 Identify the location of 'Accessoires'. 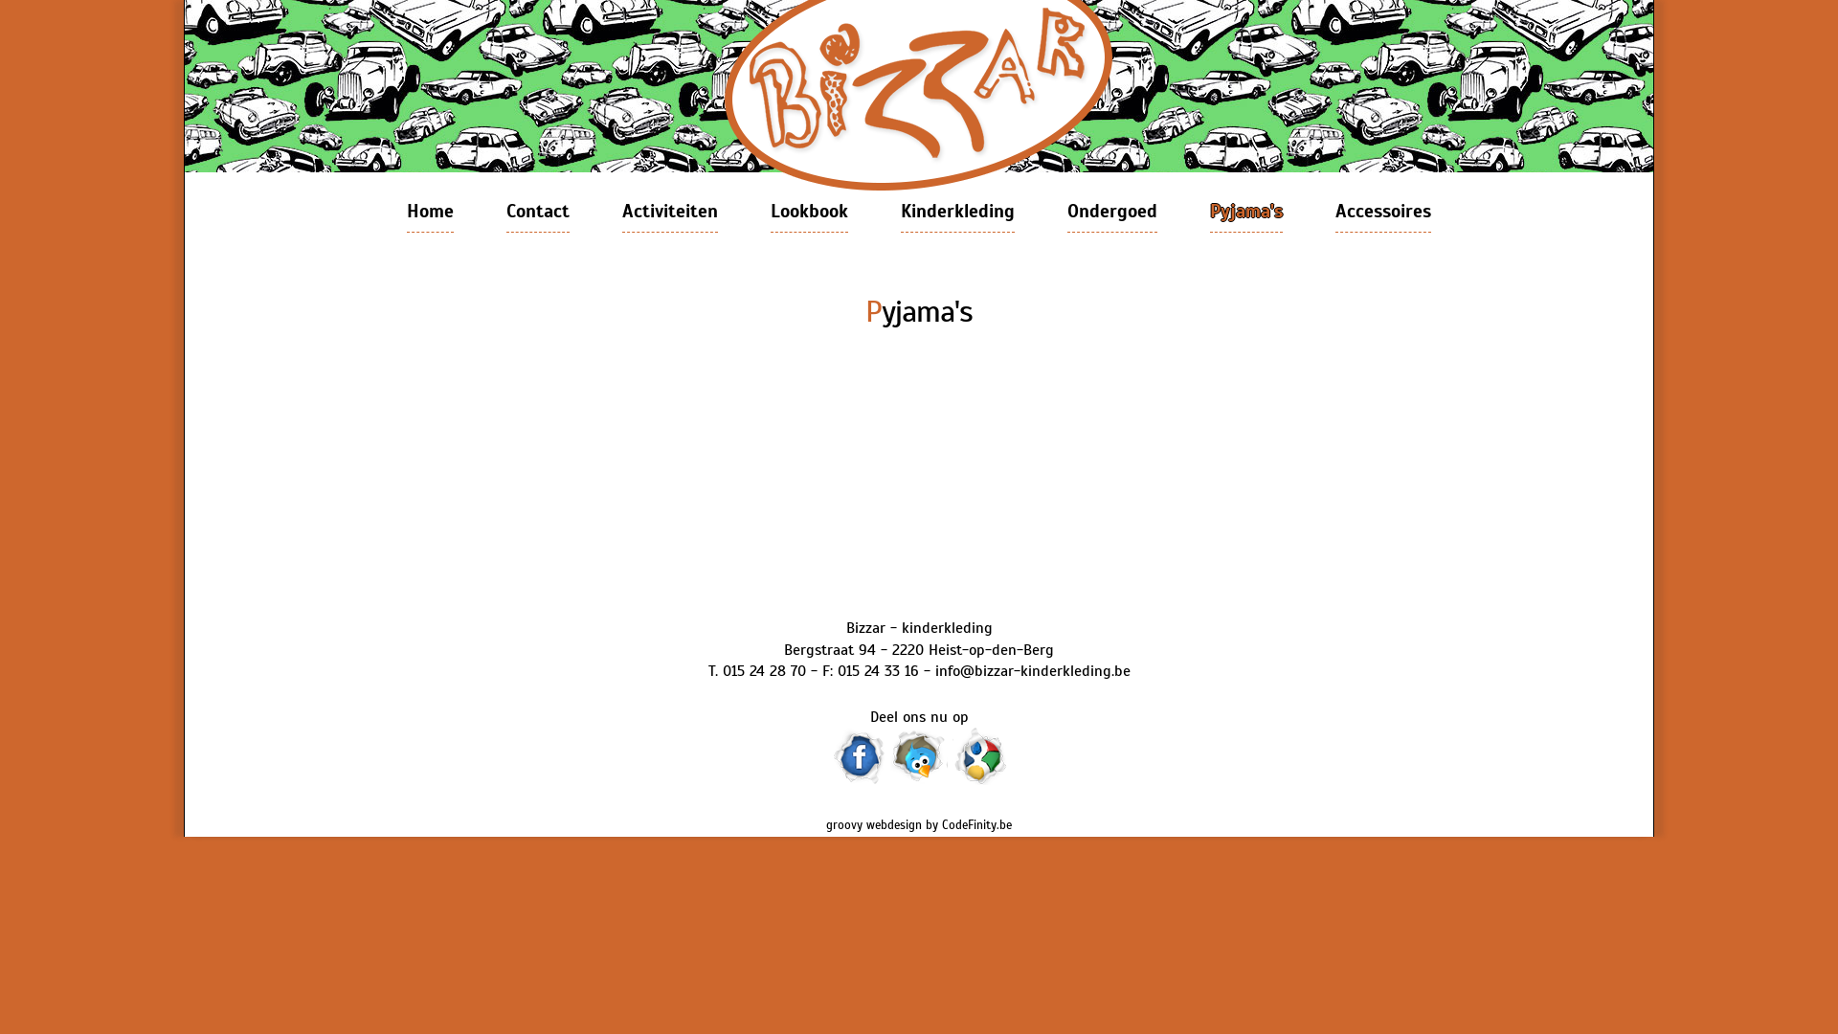
(1382, 212).